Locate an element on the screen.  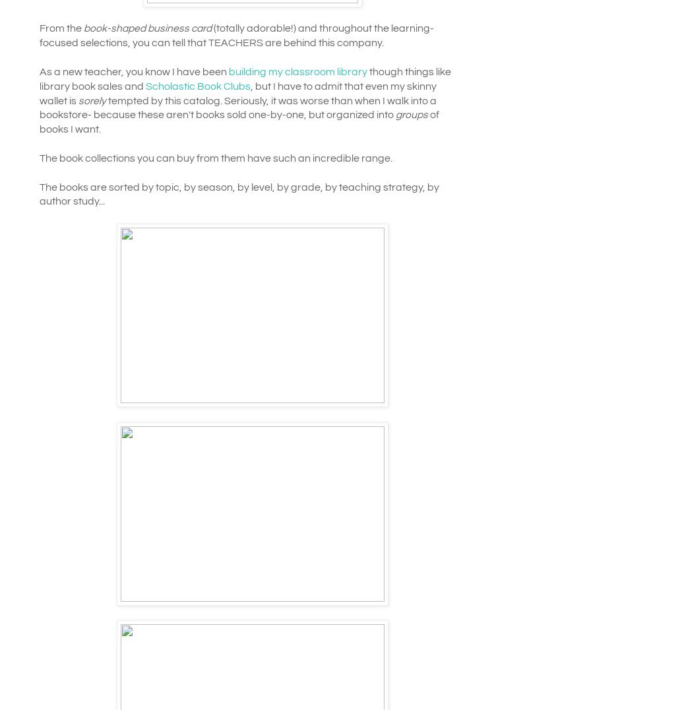
'of books I want.' is located at coordinates (238, 121).